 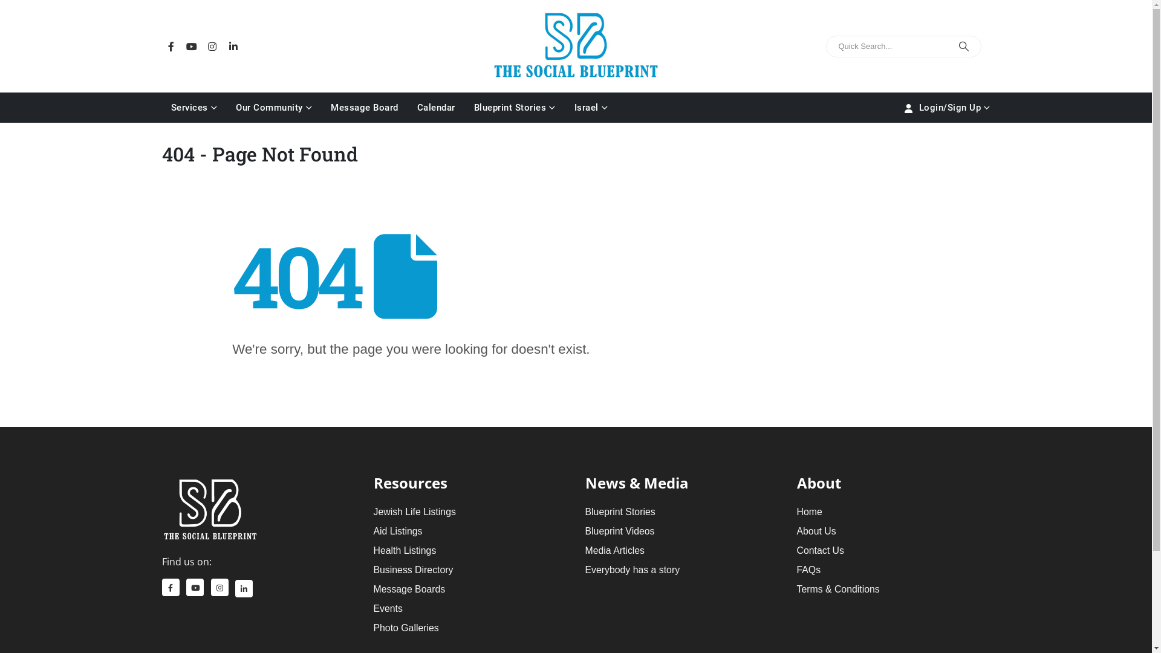 I want to click on 'Contact Us', so click(x=821, y=550).